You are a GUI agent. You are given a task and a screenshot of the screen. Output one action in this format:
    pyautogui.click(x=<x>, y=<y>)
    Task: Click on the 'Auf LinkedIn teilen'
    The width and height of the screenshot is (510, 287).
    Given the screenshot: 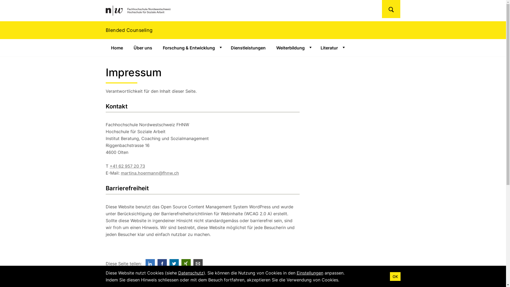 What is the action you would take?
    pyautogui.click(x=150, y=264)
    